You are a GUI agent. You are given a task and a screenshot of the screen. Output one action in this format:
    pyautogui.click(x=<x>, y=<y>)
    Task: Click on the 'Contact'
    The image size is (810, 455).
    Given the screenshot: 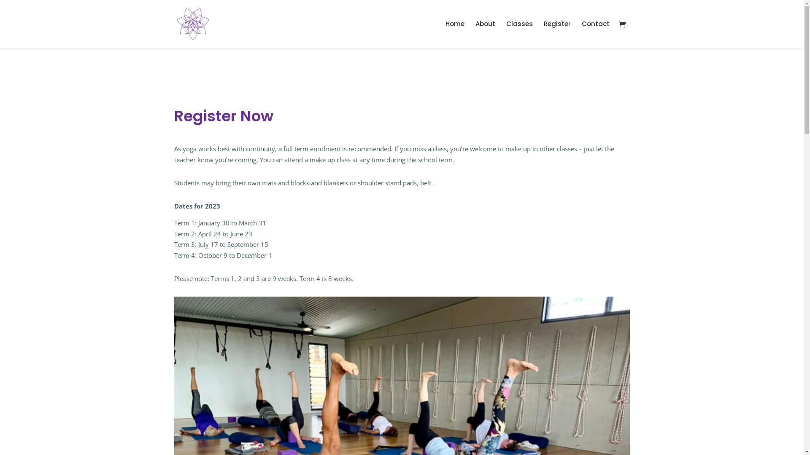 What is the action you would take?
    pyautogui.click(x=595, y=34)
    